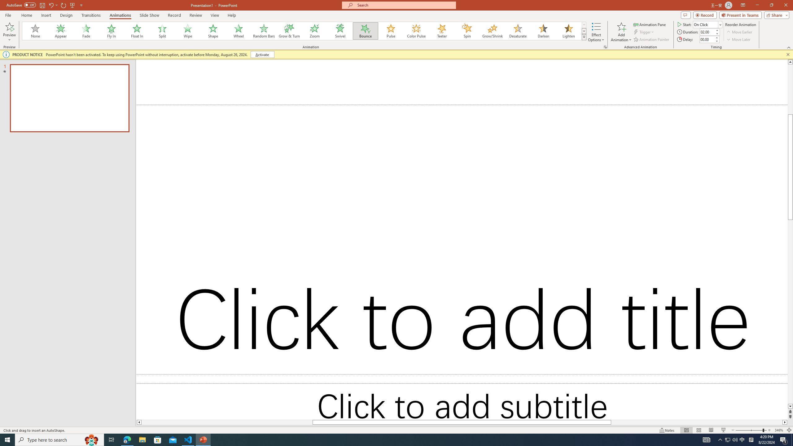 This screenshot has height=446, width=793. What do you see at coordinates (391, 31) in the screenshot?
I see `'Pulse'` at bounding box center [391, 31].